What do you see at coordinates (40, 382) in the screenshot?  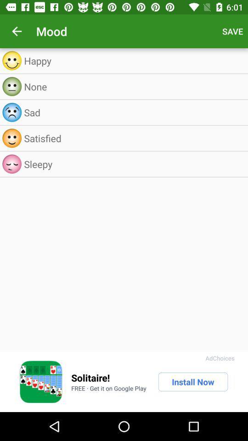 I see `pictures` at bounding box center [40, 382].